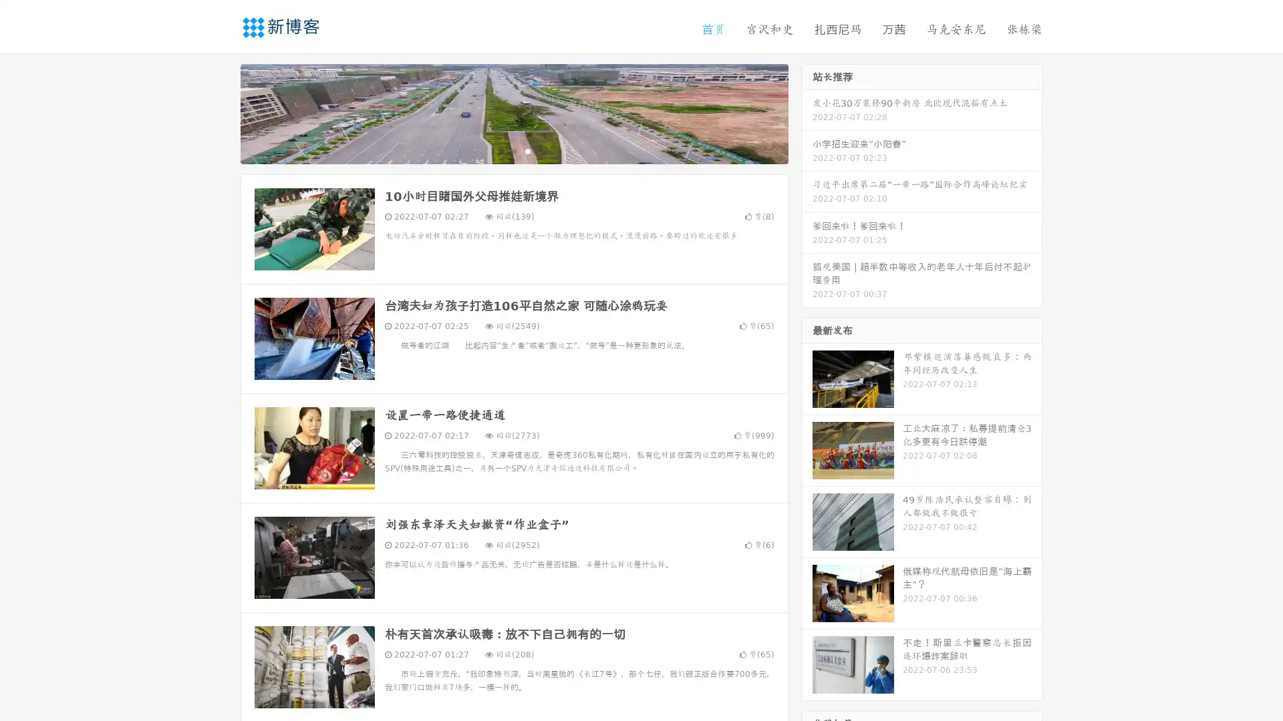 This screenshot has height=721, width=1283. I want to click on Go to slide 1, so click(500, 150).